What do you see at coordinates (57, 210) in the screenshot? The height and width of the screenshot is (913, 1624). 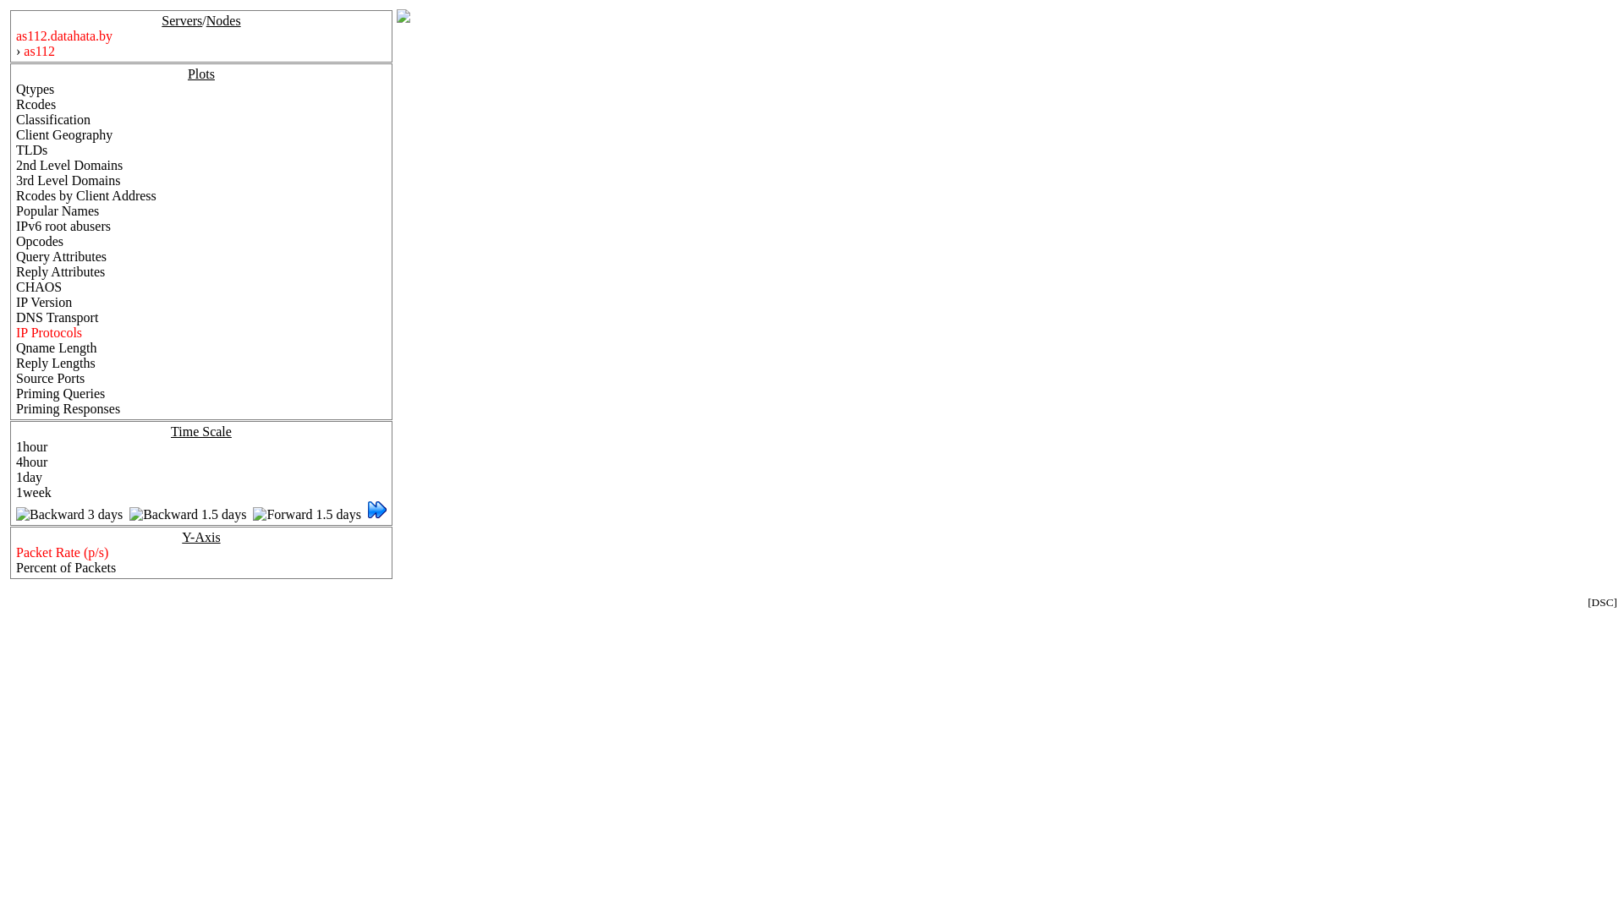 I see `'Popular Names'` at bounding box center [57, 210].